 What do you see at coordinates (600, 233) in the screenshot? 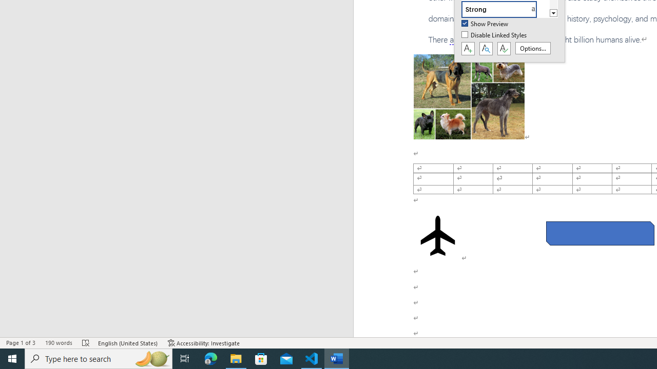
I see `'Rectangle: Diagonal Corners Snipped 2'` at bounding box center [600, 233].